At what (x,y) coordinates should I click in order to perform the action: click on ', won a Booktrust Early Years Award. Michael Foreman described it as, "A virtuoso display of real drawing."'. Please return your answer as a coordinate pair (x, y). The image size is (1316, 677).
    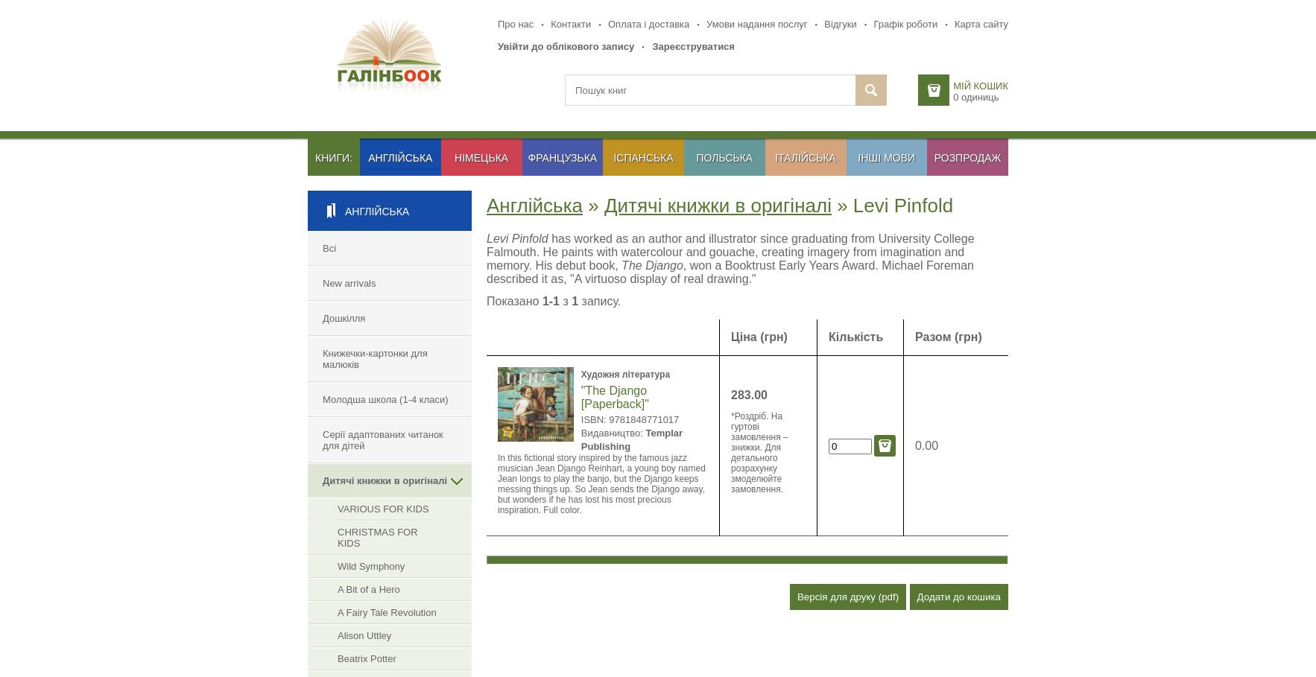
    Looking at the image, I should click on (729, 271).